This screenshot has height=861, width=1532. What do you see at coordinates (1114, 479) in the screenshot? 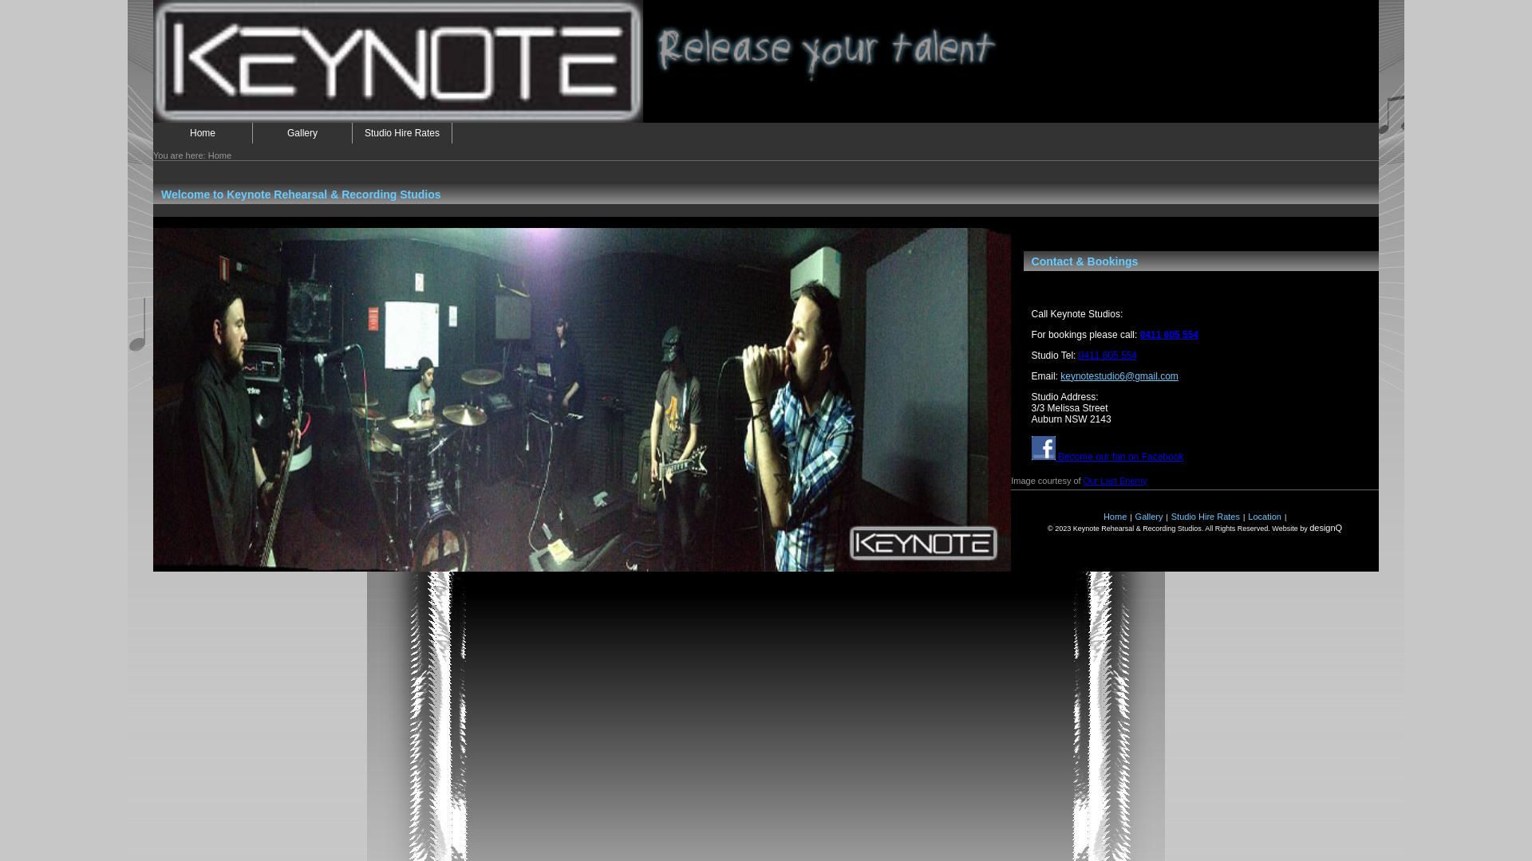
I see `'Our Last Enemy'` at bounding box center [1114, 479].